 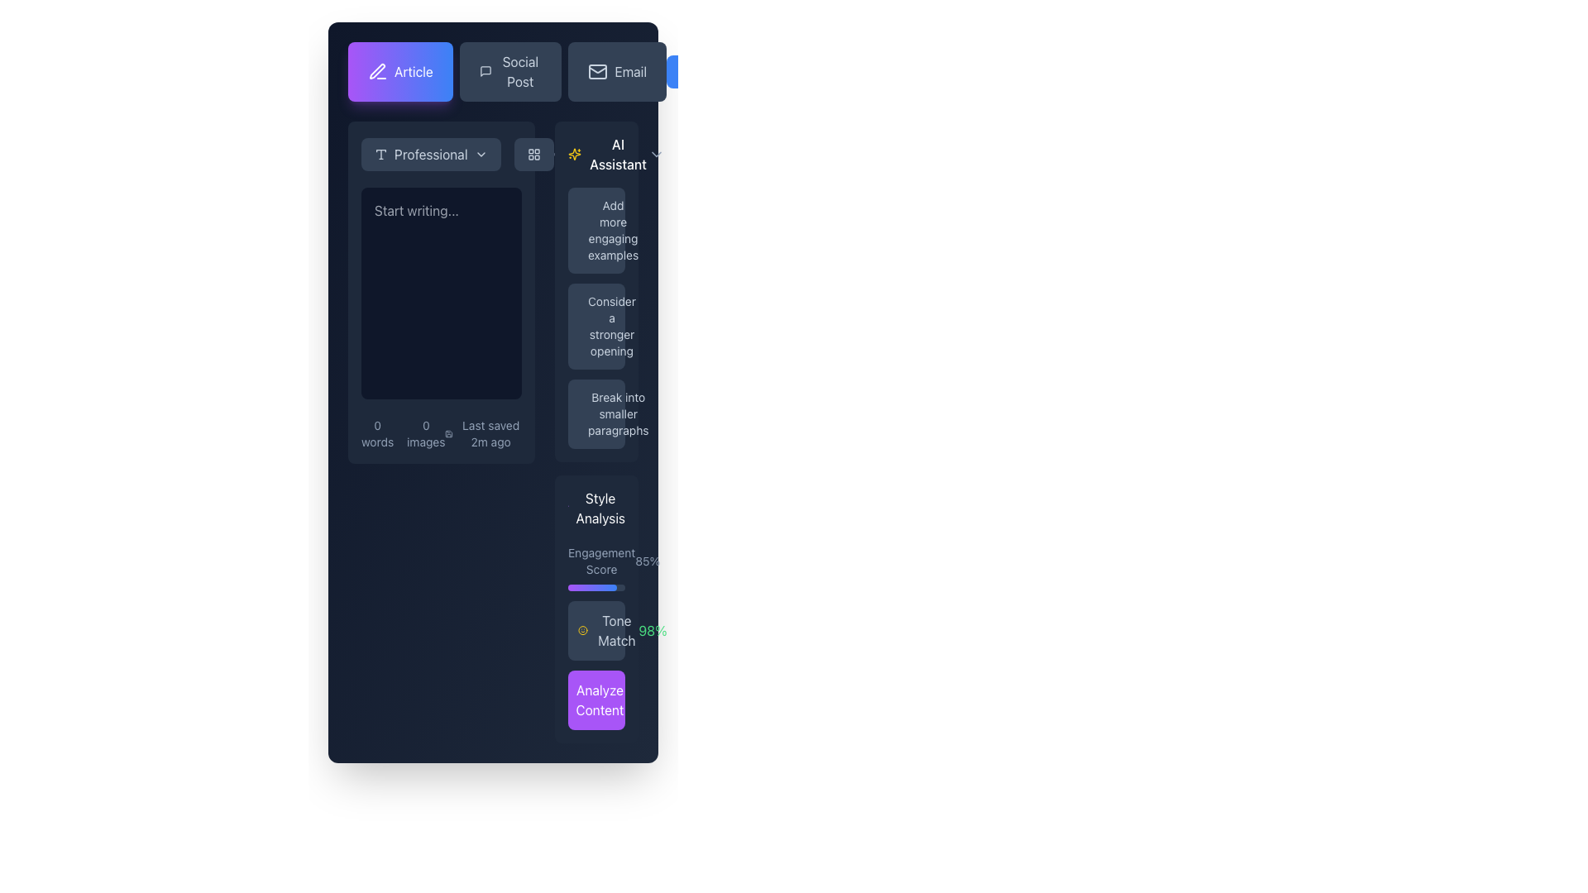 I want to click on the 'Social Post' button, which is the second button in a row of three buttons labeled 'Article', 'Social Post', and 'Email', so click(x=492, y=71).